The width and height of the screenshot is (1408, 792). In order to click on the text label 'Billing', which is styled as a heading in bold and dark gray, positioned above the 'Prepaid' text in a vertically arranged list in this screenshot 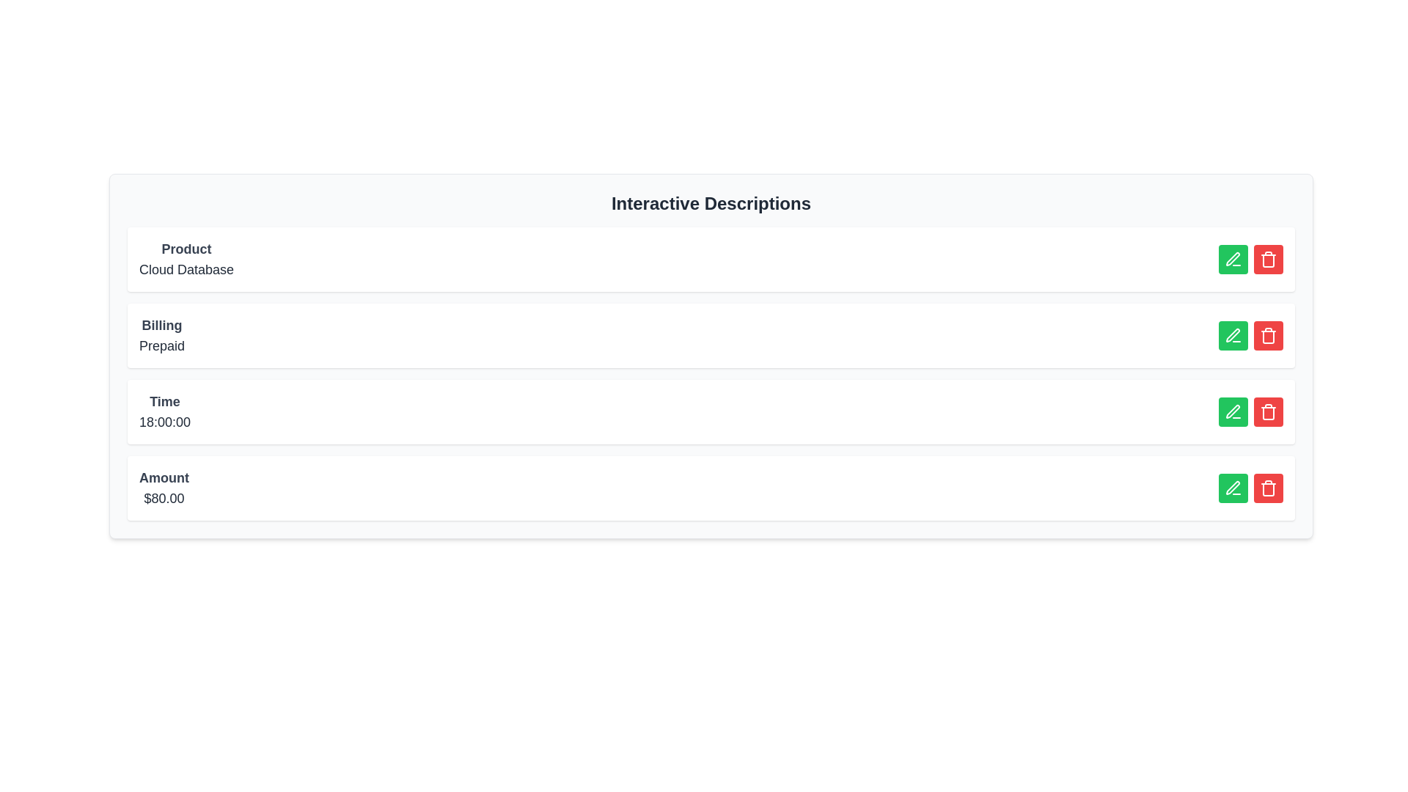, I will do `click(161, 324)`.